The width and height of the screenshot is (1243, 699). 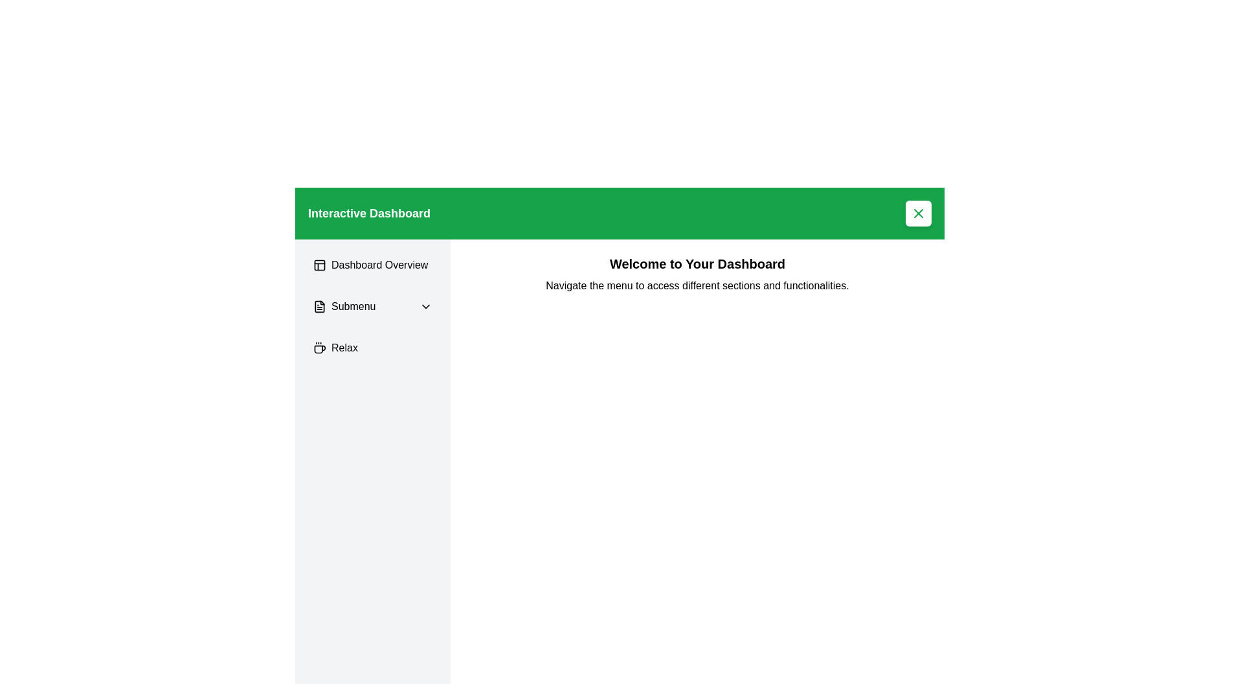 I want to click on the 'Relax' button-style menu item for keyboard-based navigation, so click(x=372, y=347).